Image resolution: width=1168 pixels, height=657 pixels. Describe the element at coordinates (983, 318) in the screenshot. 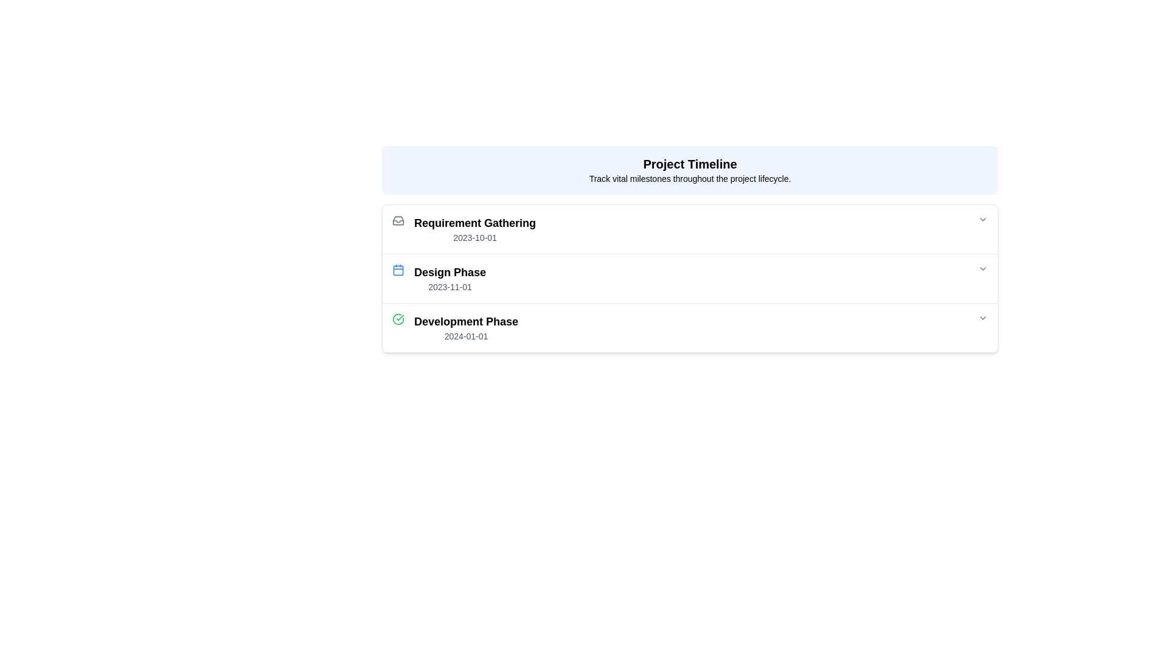

I see `the chevron toggle button located at the right end of the 'Development Phase' row` at that location.